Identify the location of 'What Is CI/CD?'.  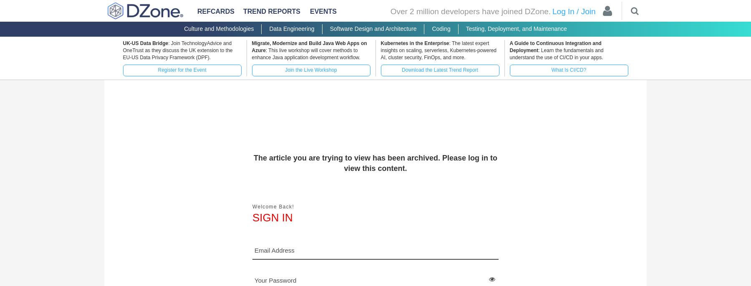
(568, 70).